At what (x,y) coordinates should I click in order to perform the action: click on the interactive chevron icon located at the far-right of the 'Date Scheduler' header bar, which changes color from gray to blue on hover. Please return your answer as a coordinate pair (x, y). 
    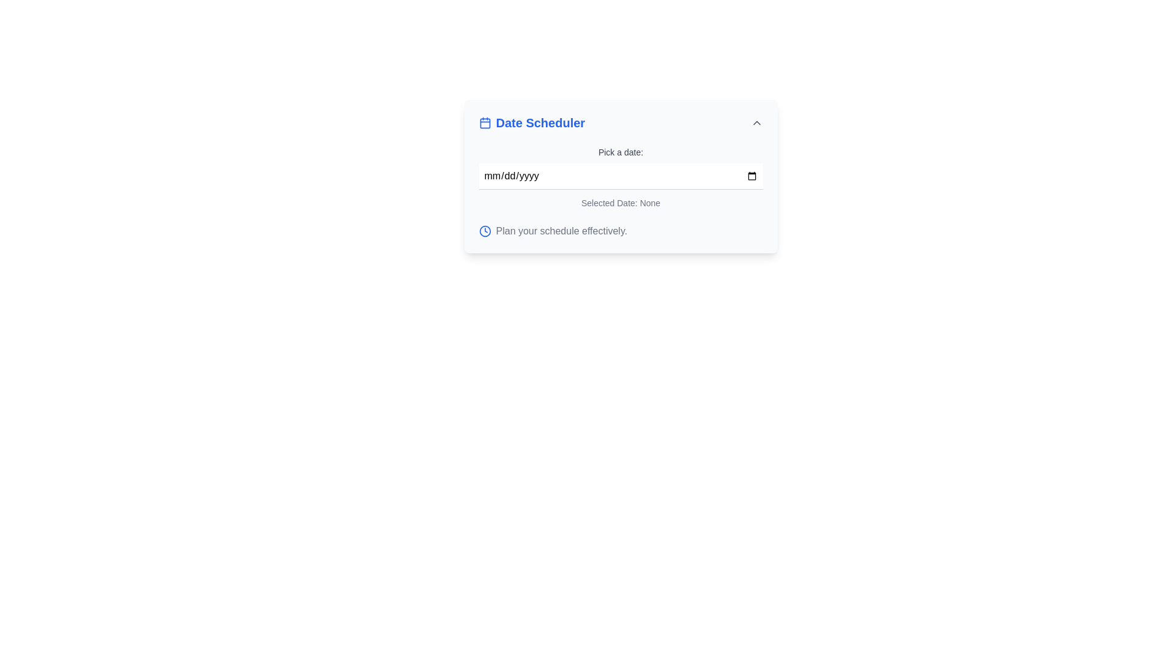
    Looking at the image, I should click on (756, 122).